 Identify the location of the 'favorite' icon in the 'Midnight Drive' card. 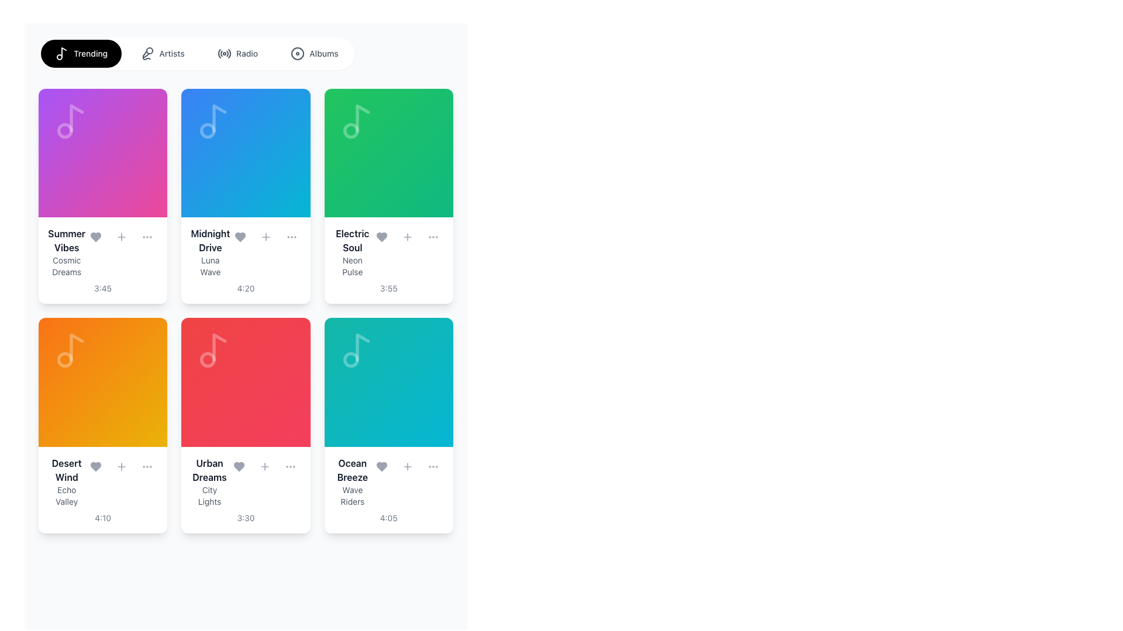
(240, 237).